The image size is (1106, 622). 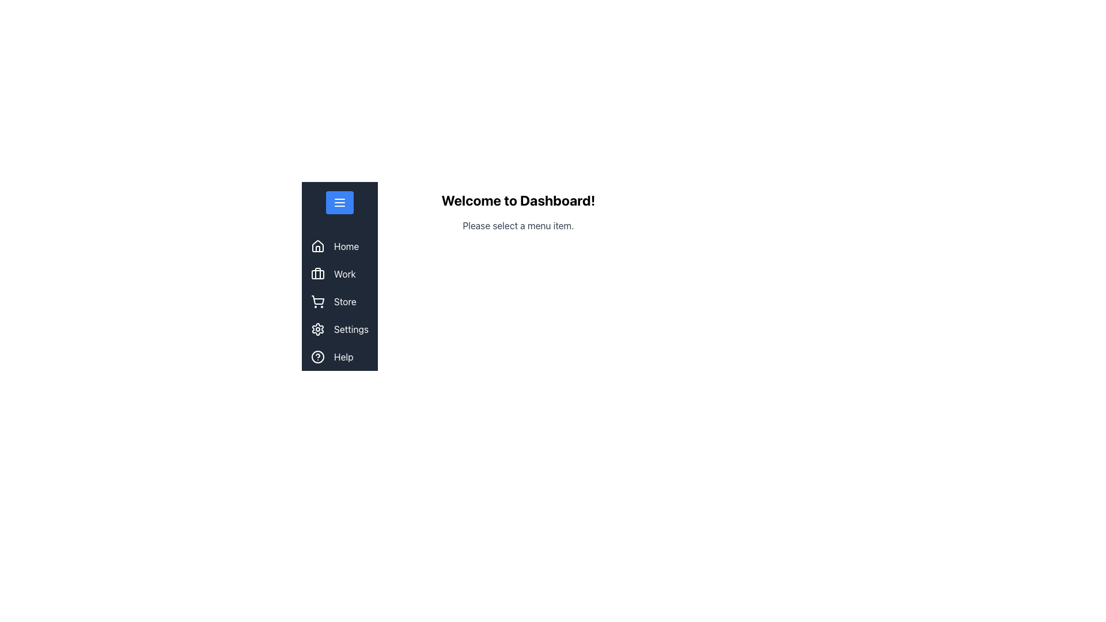 I want to click on the 'Settings' button located in the sidebar menu, which features a settings icon and white text on a dark background, so click(x=339, y=329).